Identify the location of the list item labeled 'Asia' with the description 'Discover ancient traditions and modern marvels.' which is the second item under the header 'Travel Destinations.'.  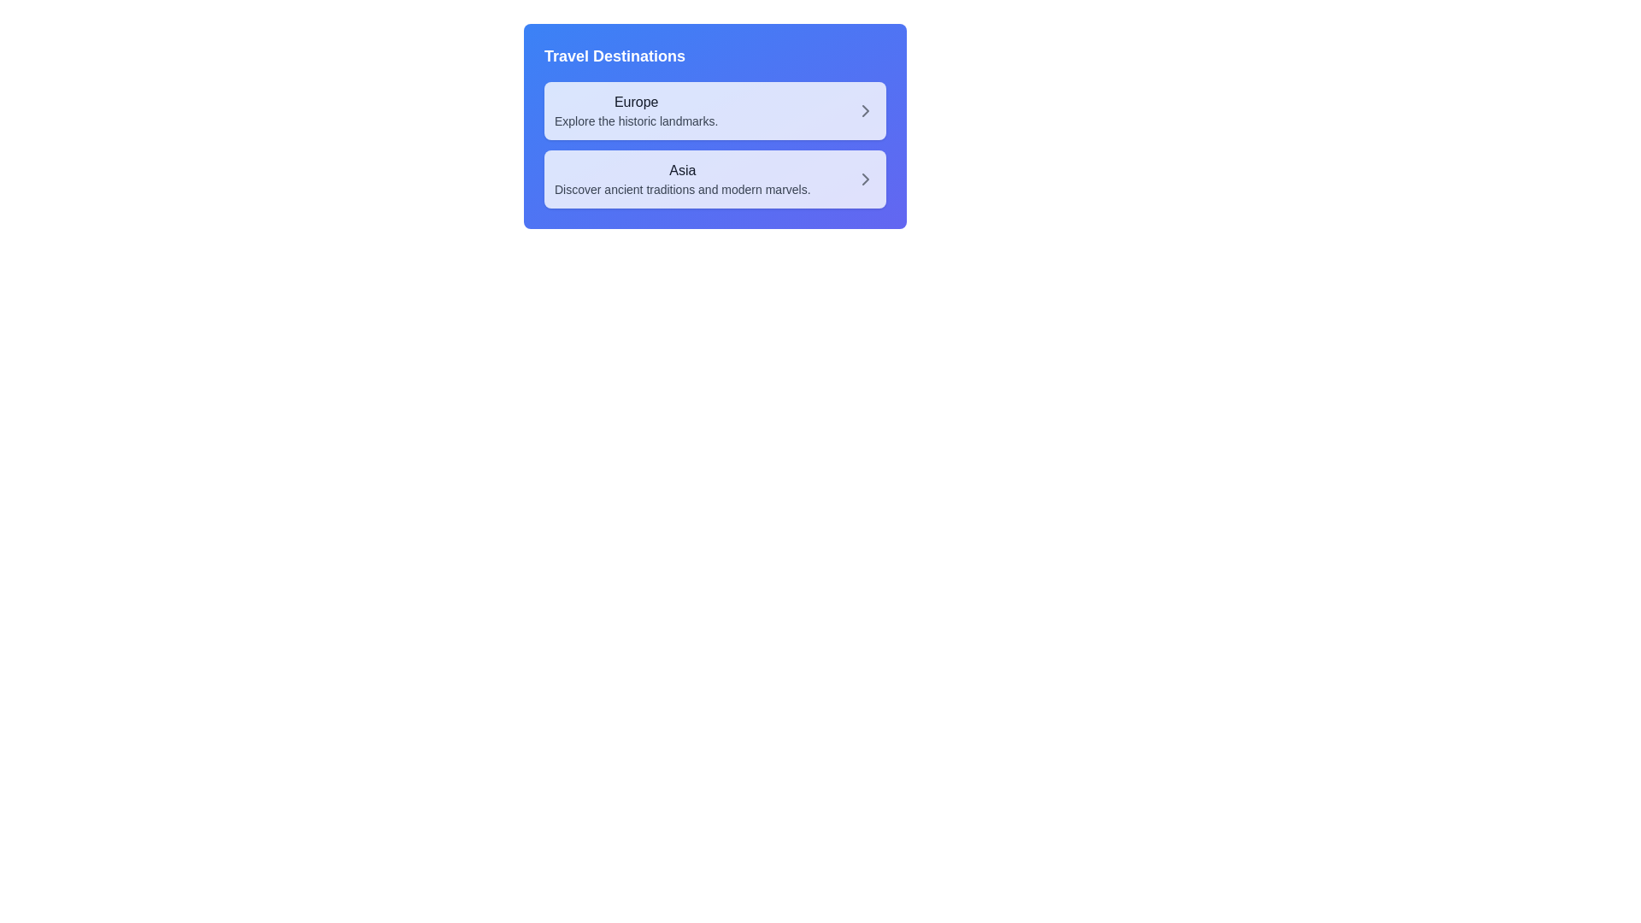
(715, 179).